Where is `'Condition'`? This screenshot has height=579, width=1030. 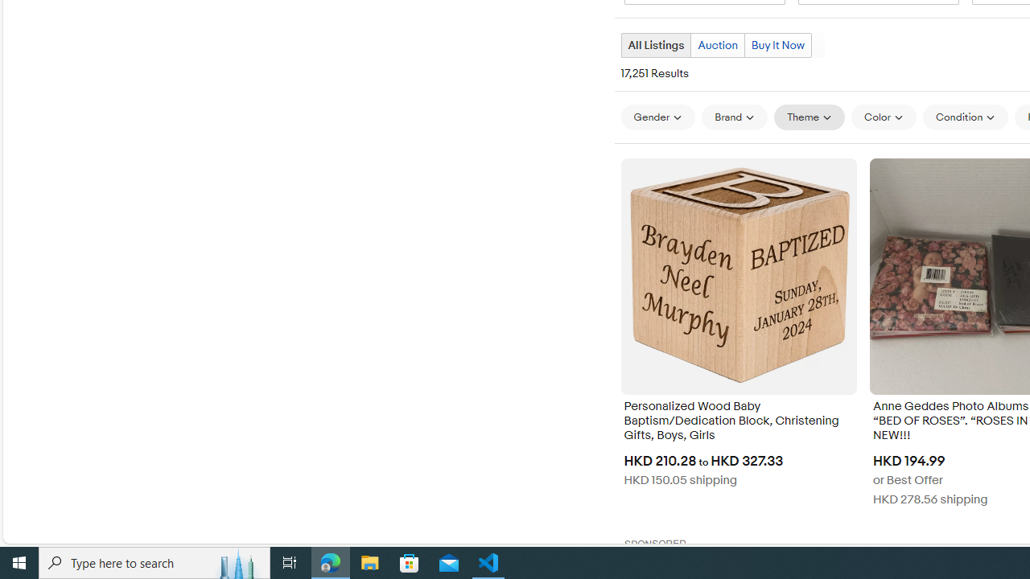 'Condition' is located at coordinates (966, 117).